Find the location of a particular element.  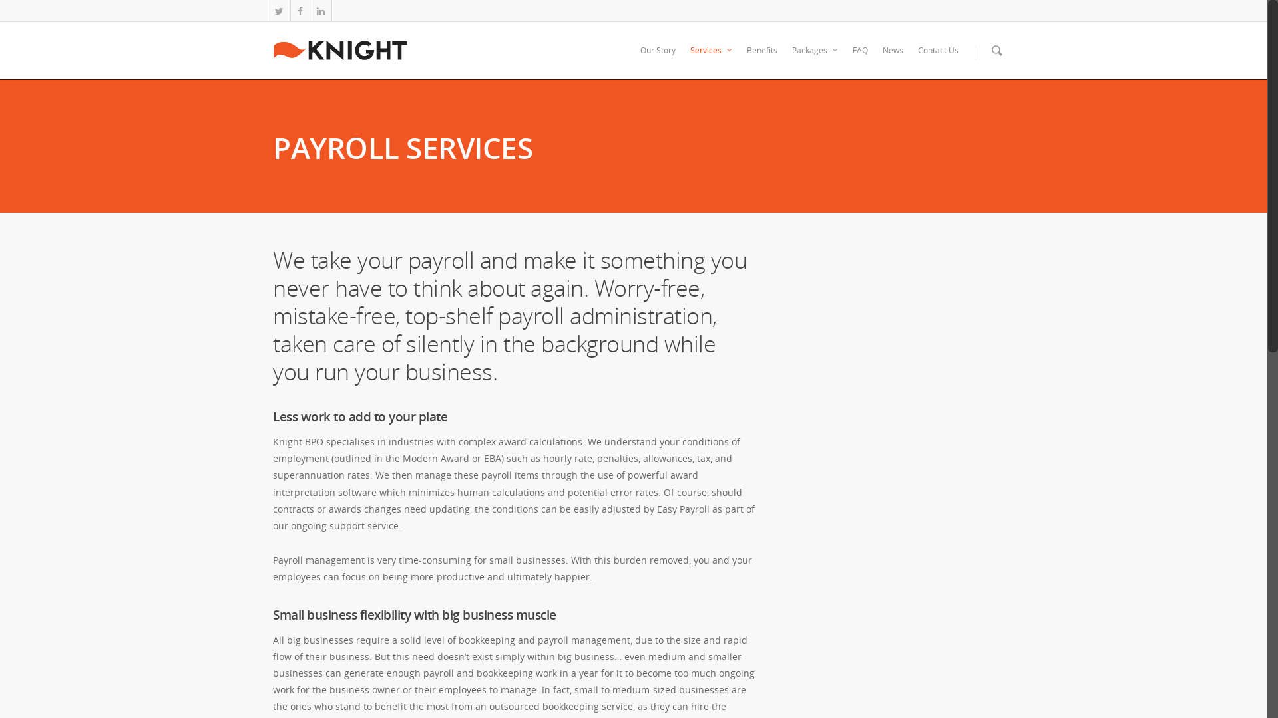

'Services' is located at coordinates (710, 59).